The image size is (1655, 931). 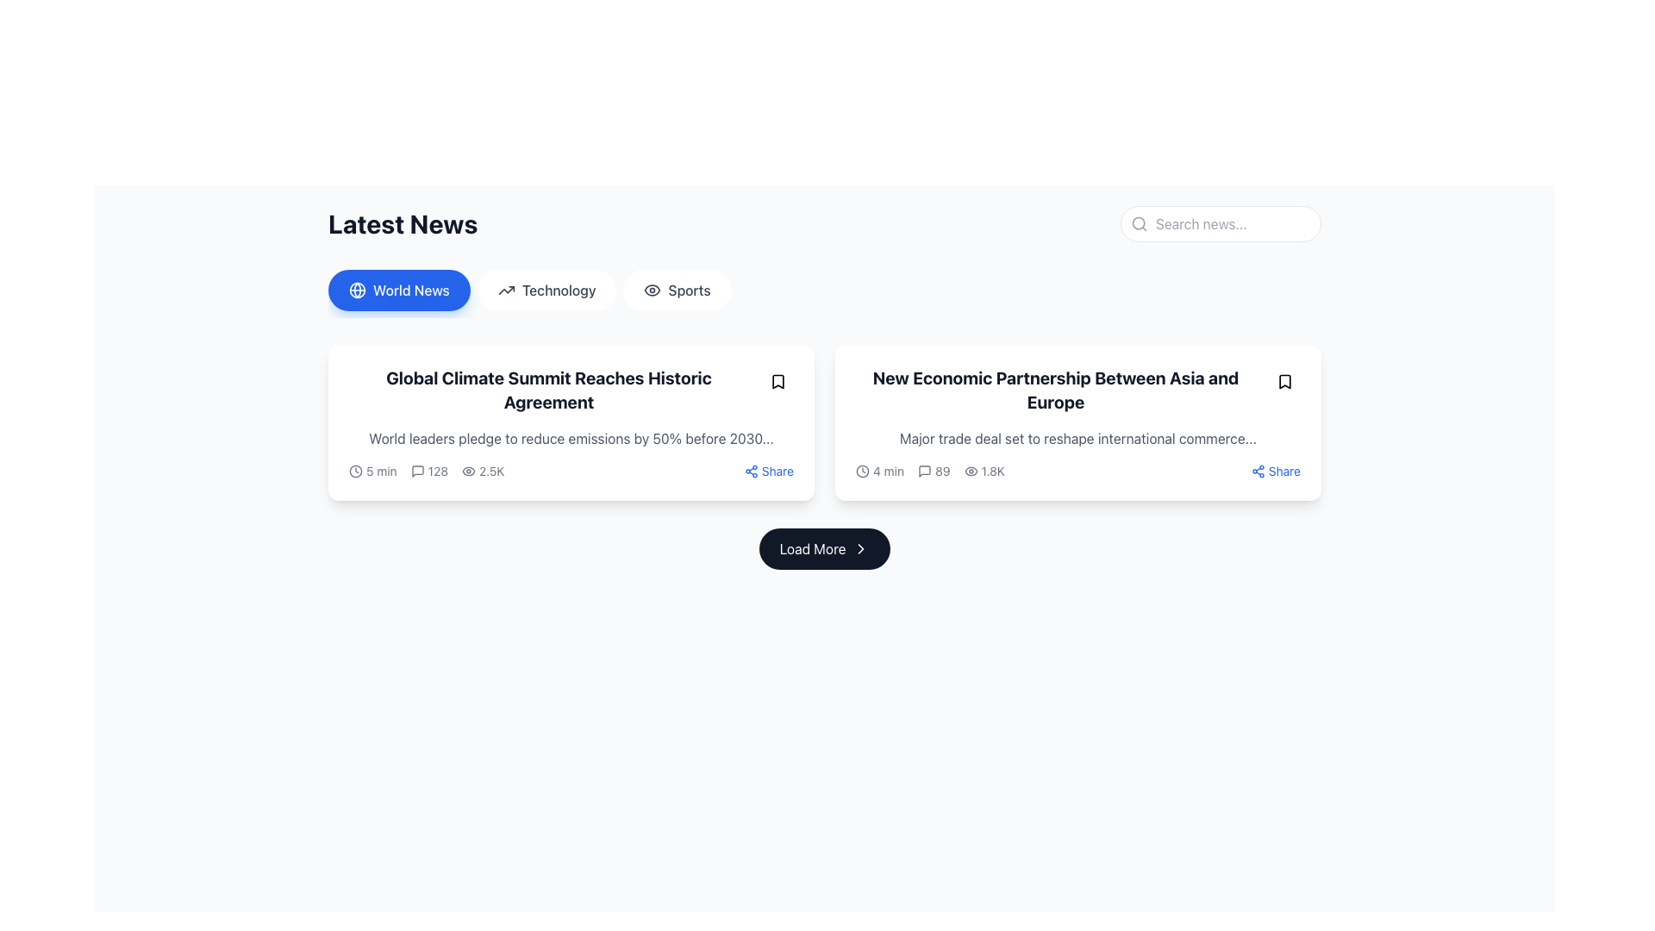 I want to click on the headline text element located in the 'World News' section, which summarizes the primary topic of the news article, so click(x=571, y=390).